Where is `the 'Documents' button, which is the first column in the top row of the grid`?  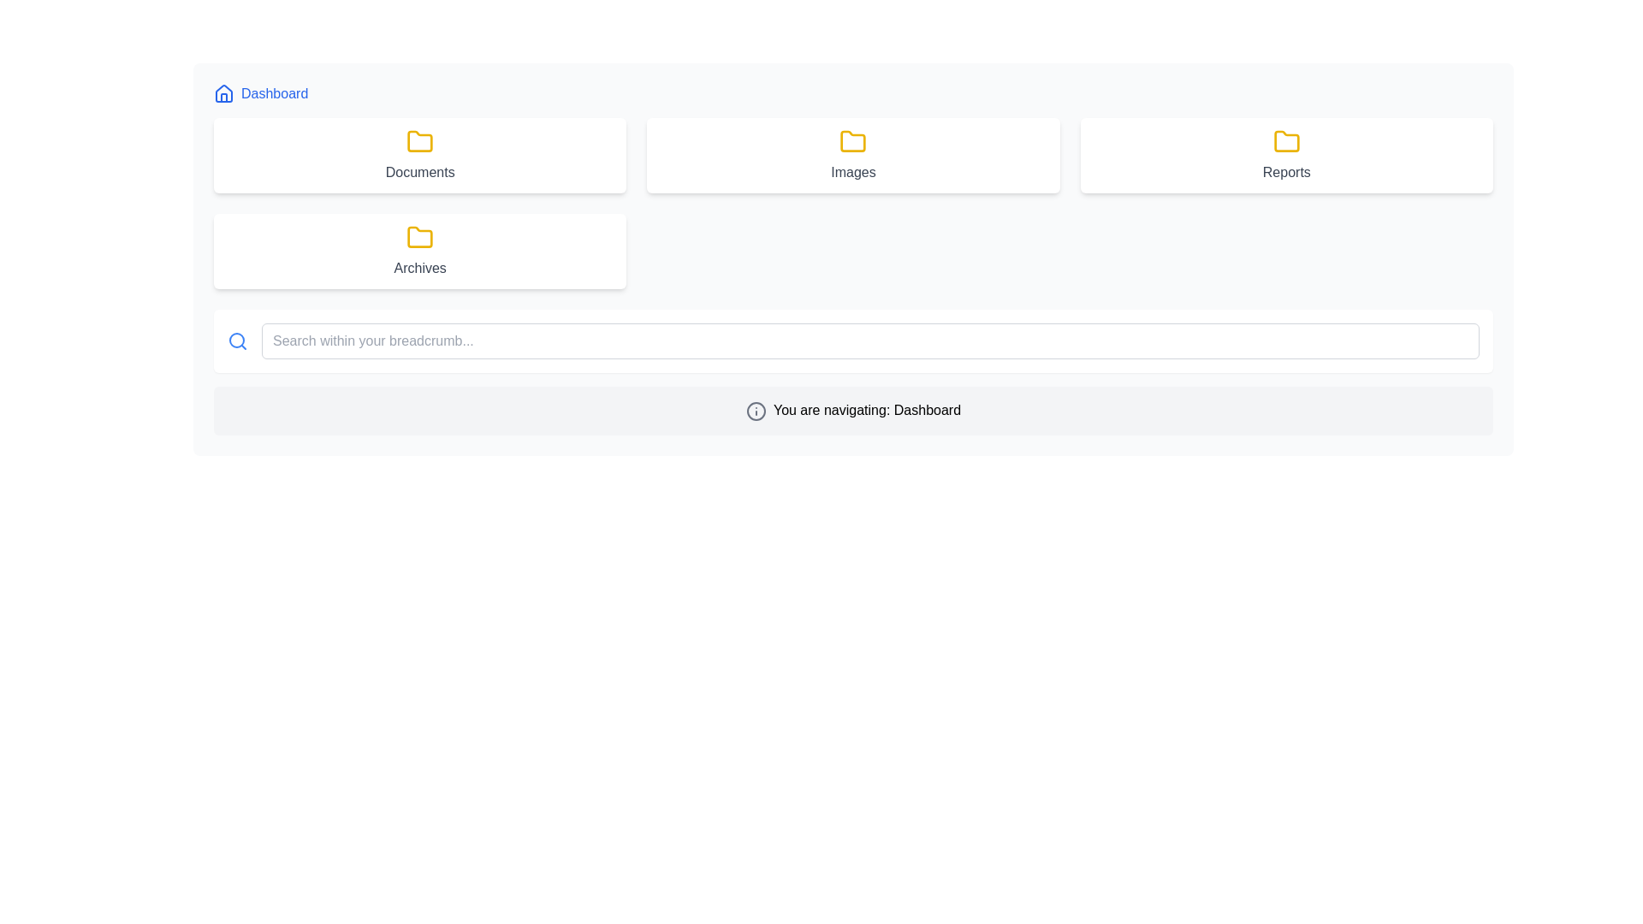
the 'Documents' button, which is the first column in the top row of the grid is located at coordinates (420, 155).